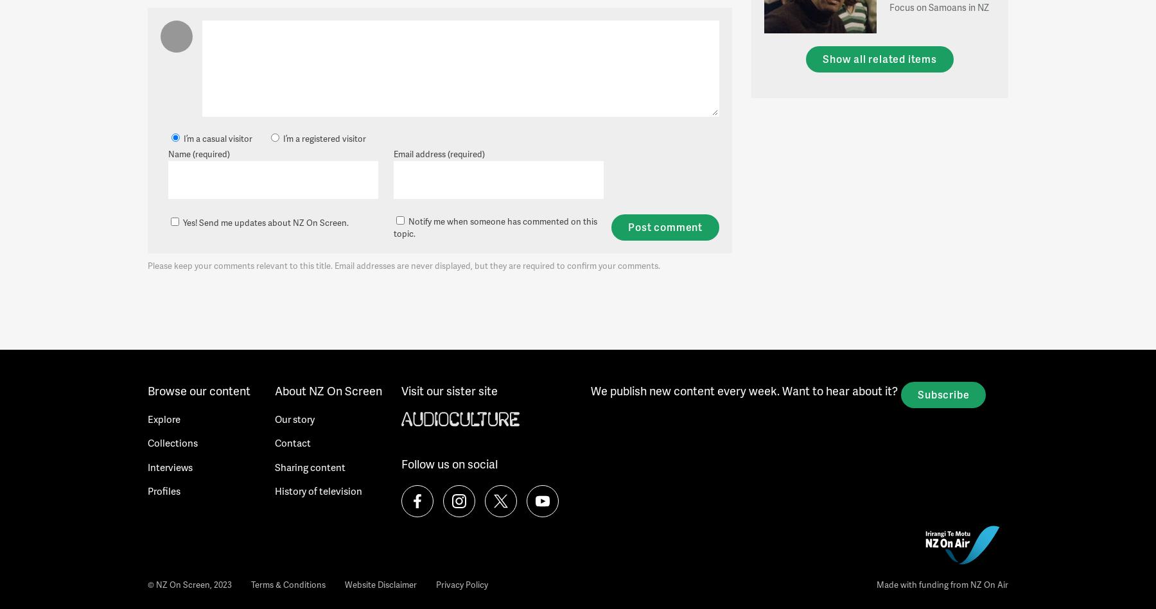 The height and width of the screenshot is (609, 1156). I want to click on 'Our story', so click(293, 418).